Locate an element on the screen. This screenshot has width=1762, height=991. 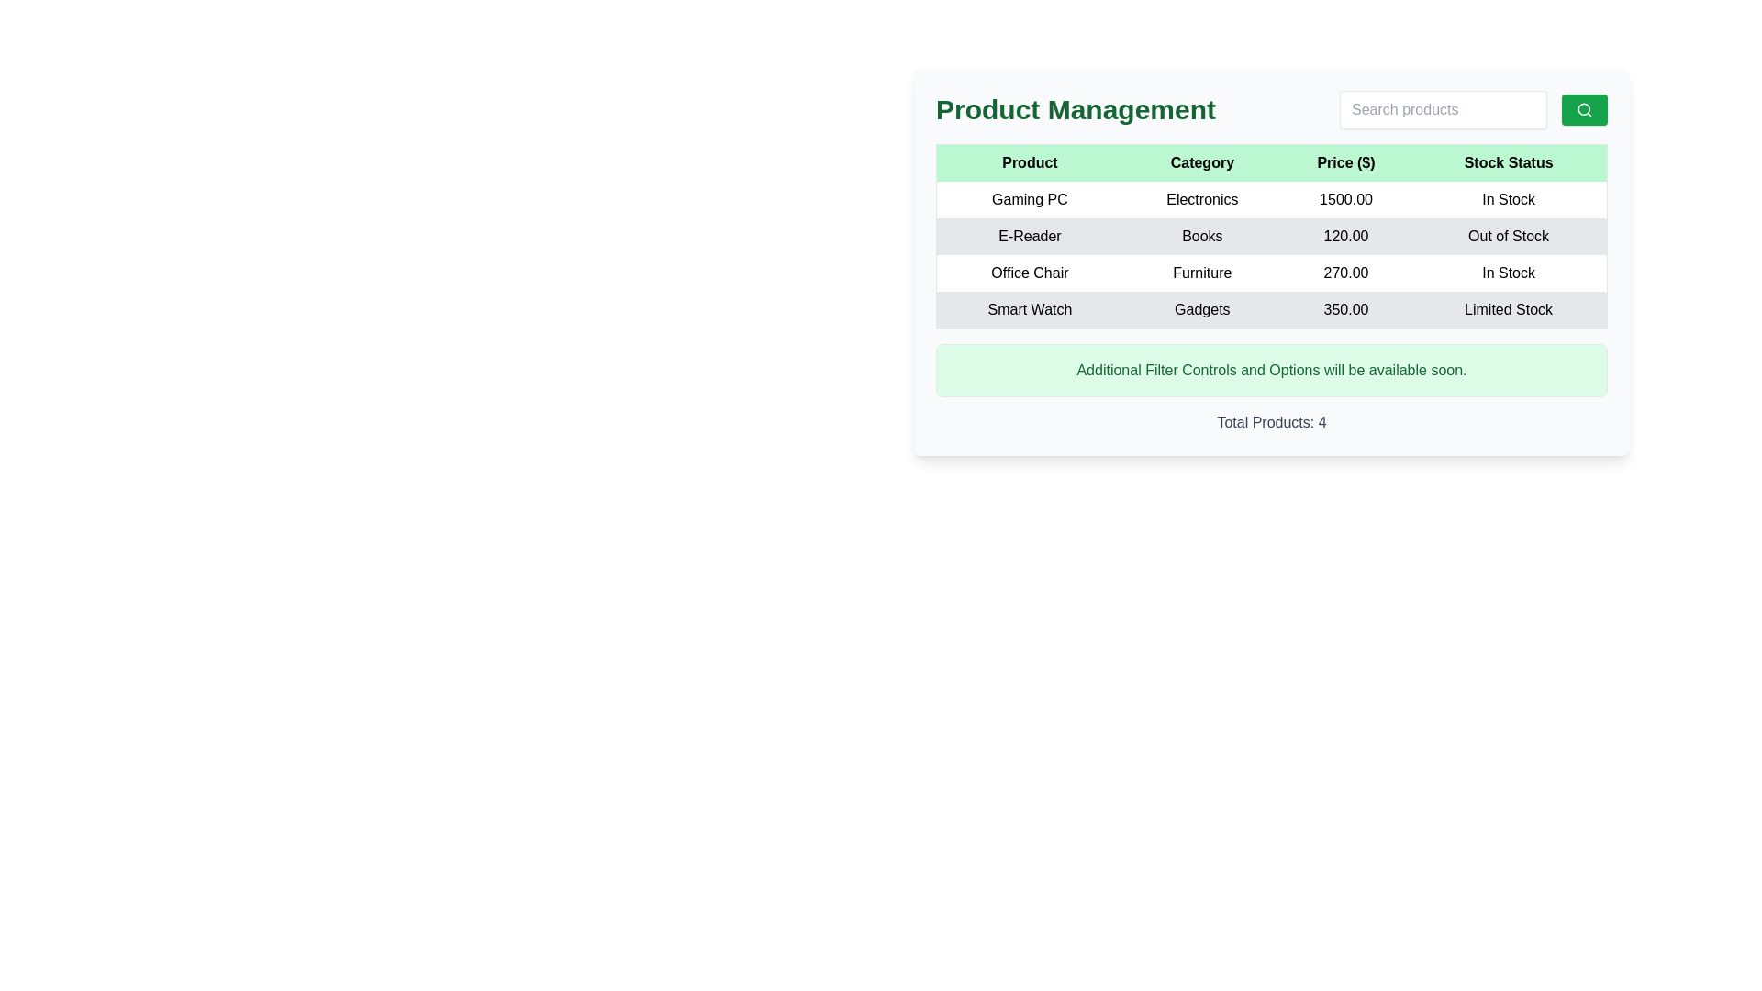
the third row in the data table containing information about 'Office Chair' to highlight it is located at coordinates (1271, 273).